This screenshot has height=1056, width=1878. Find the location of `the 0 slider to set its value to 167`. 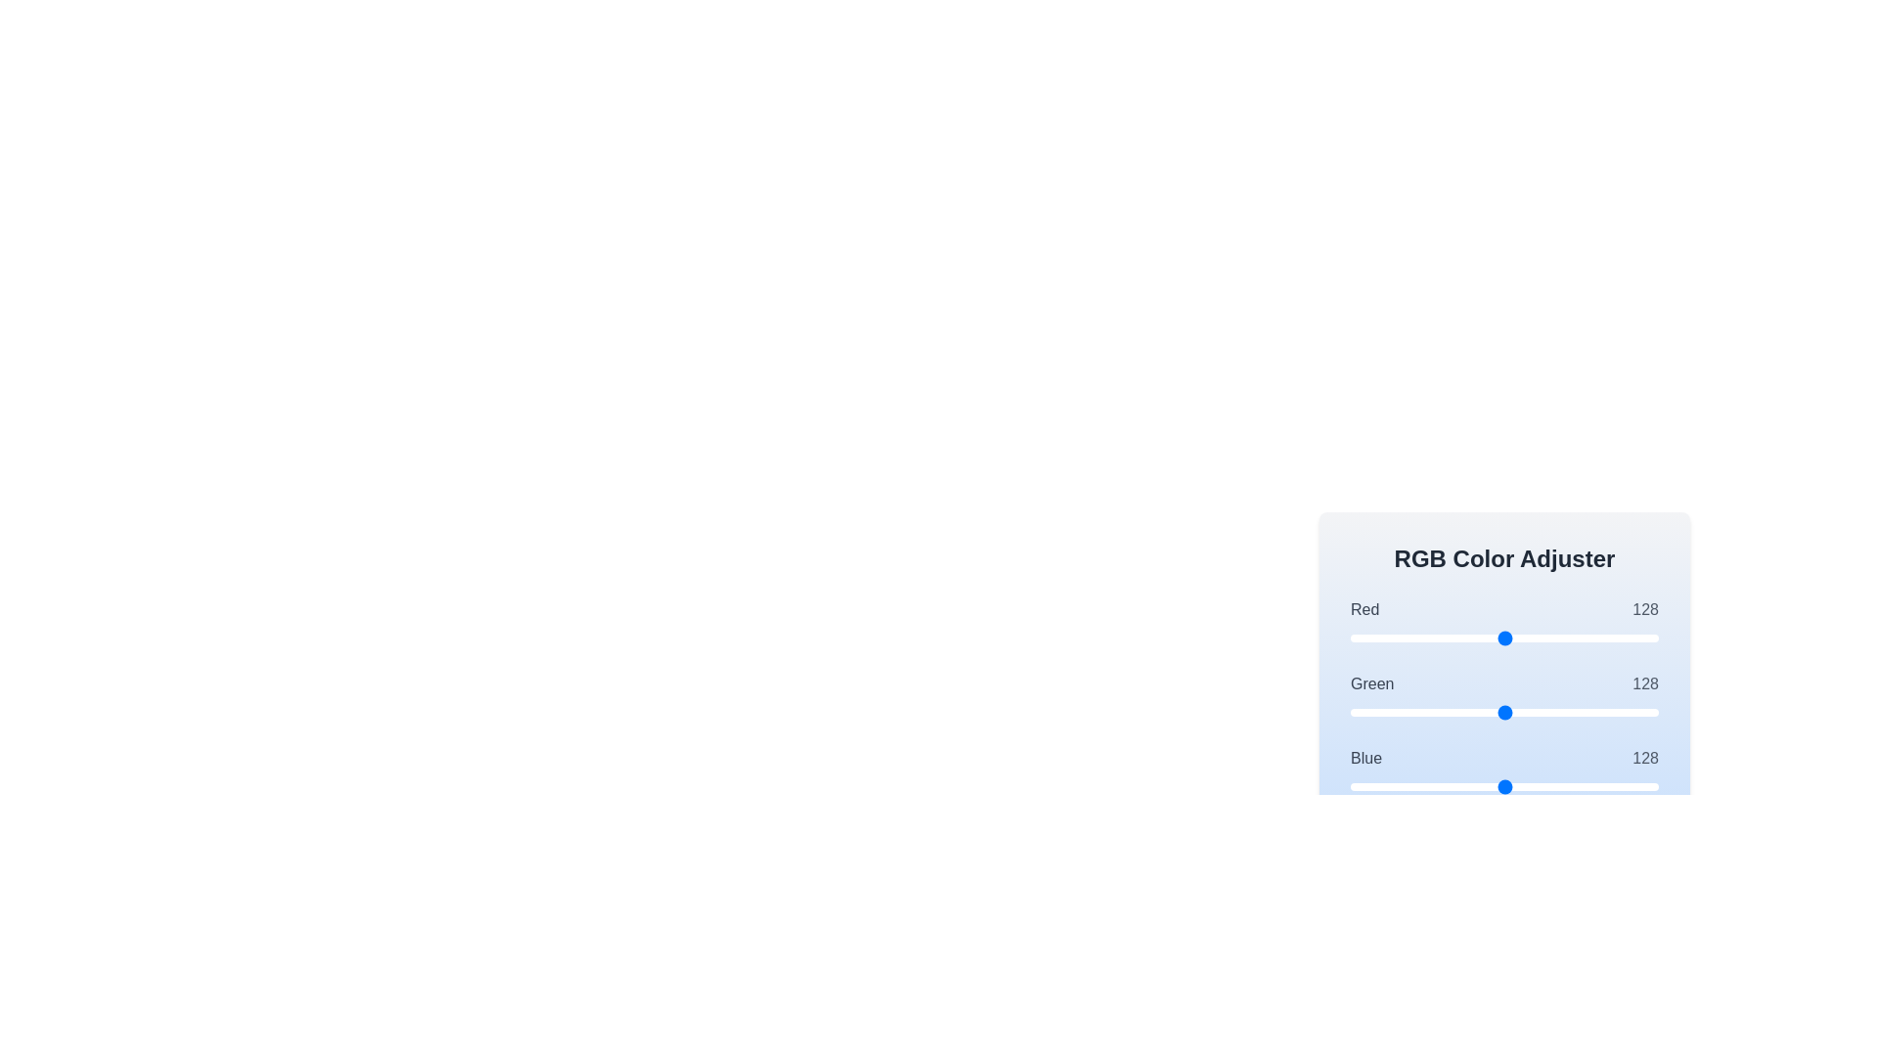

the 0 slider to set its value to 167 is located at coordinates (1551, 638).